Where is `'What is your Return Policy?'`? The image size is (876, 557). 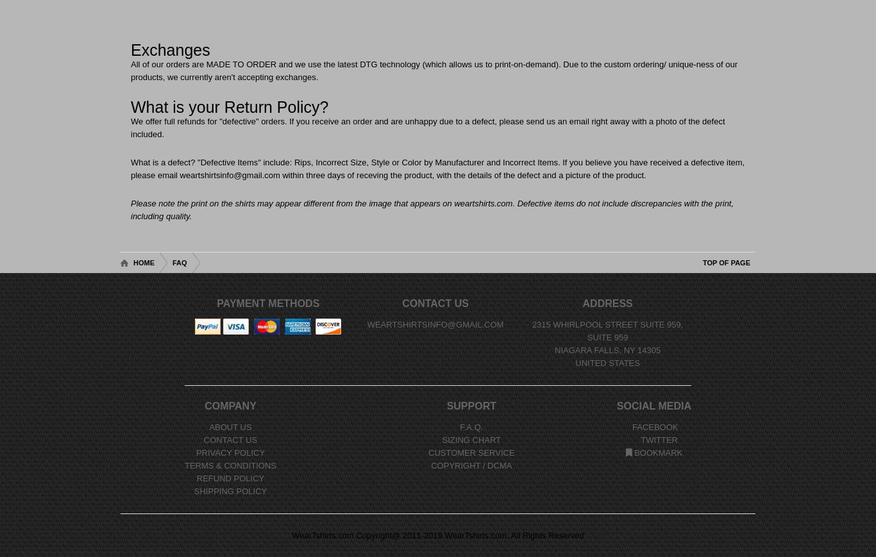
'What is your Return Policy?' is located at coordinates (229, 106).